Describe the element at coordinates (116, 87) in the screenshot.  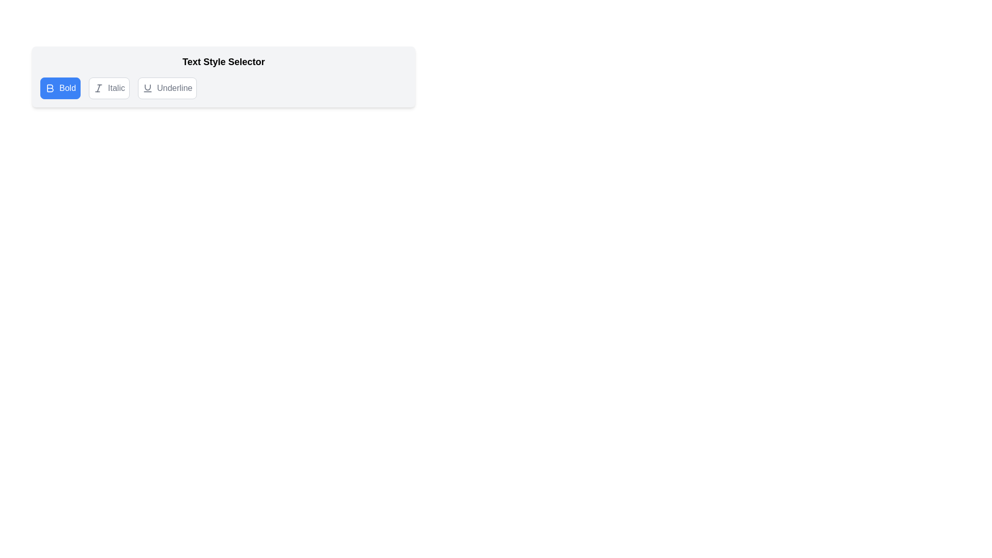
I see `the 'italic' text label styled as a button, which is the second button in a group of three buttons` at that location.